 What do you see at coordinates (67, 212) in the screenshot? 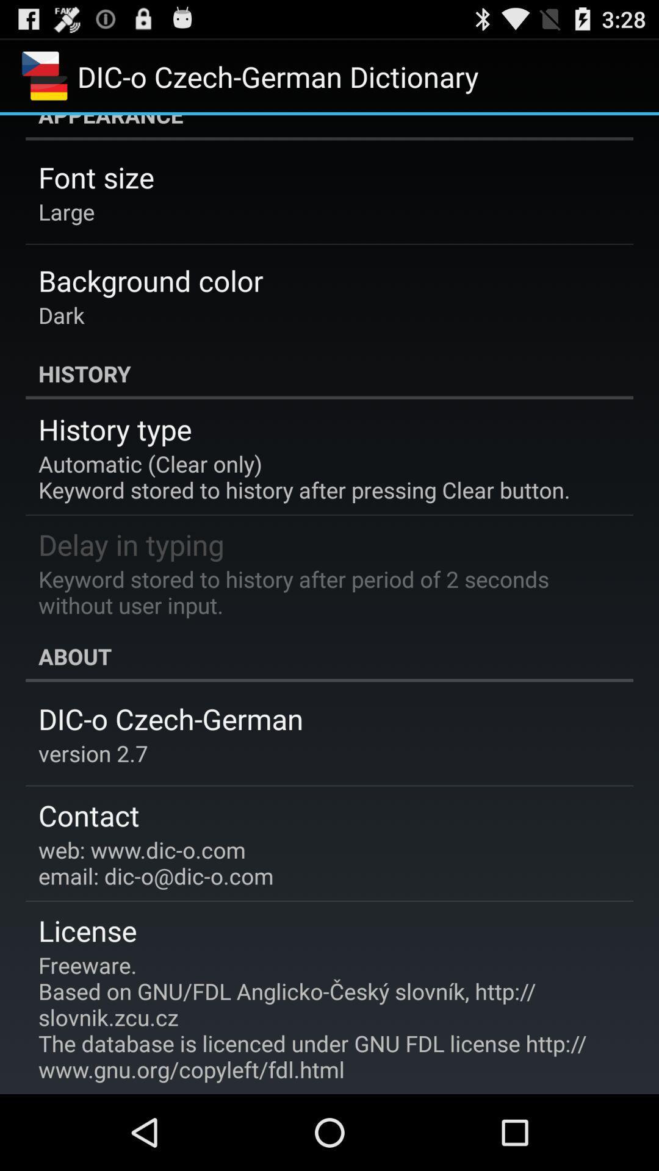
I see `item below the font size` at bounding box center [67, 212].